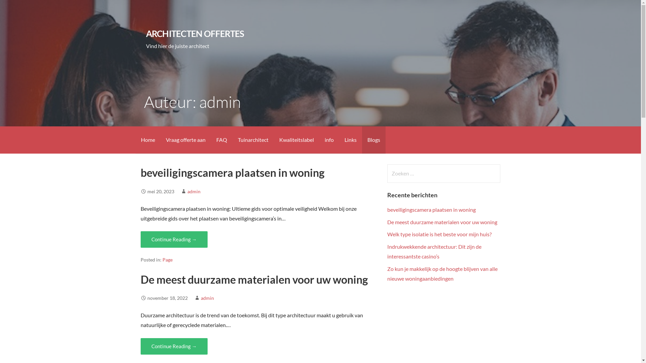 Image resolution: width=646 pixels, height=363 pixels. I want to click on 'beveiligingscamera plaatsen in woning', so click(232, 172).